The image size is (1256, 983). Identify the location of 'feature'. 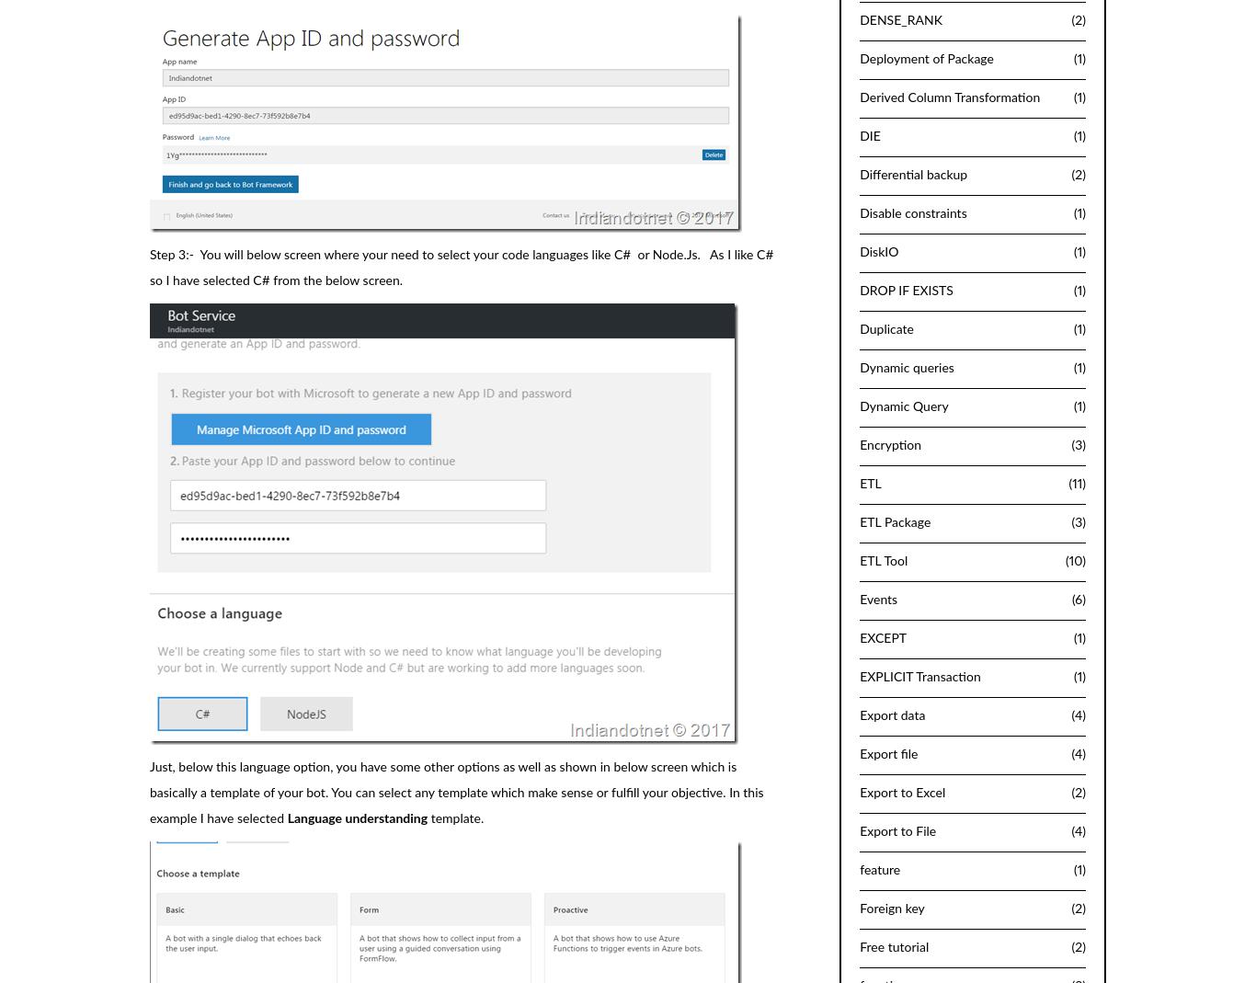
(880, 868).